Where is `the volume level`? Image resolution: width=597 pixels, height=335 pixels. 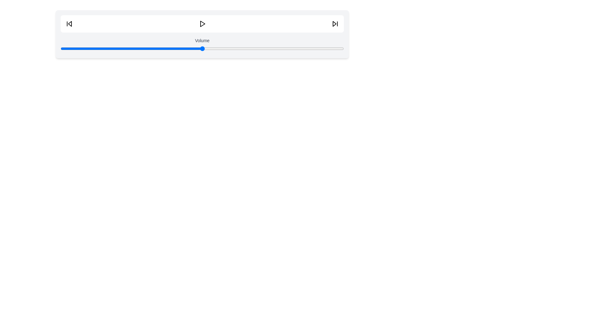 the volume level is located at coordinates (66, 48).